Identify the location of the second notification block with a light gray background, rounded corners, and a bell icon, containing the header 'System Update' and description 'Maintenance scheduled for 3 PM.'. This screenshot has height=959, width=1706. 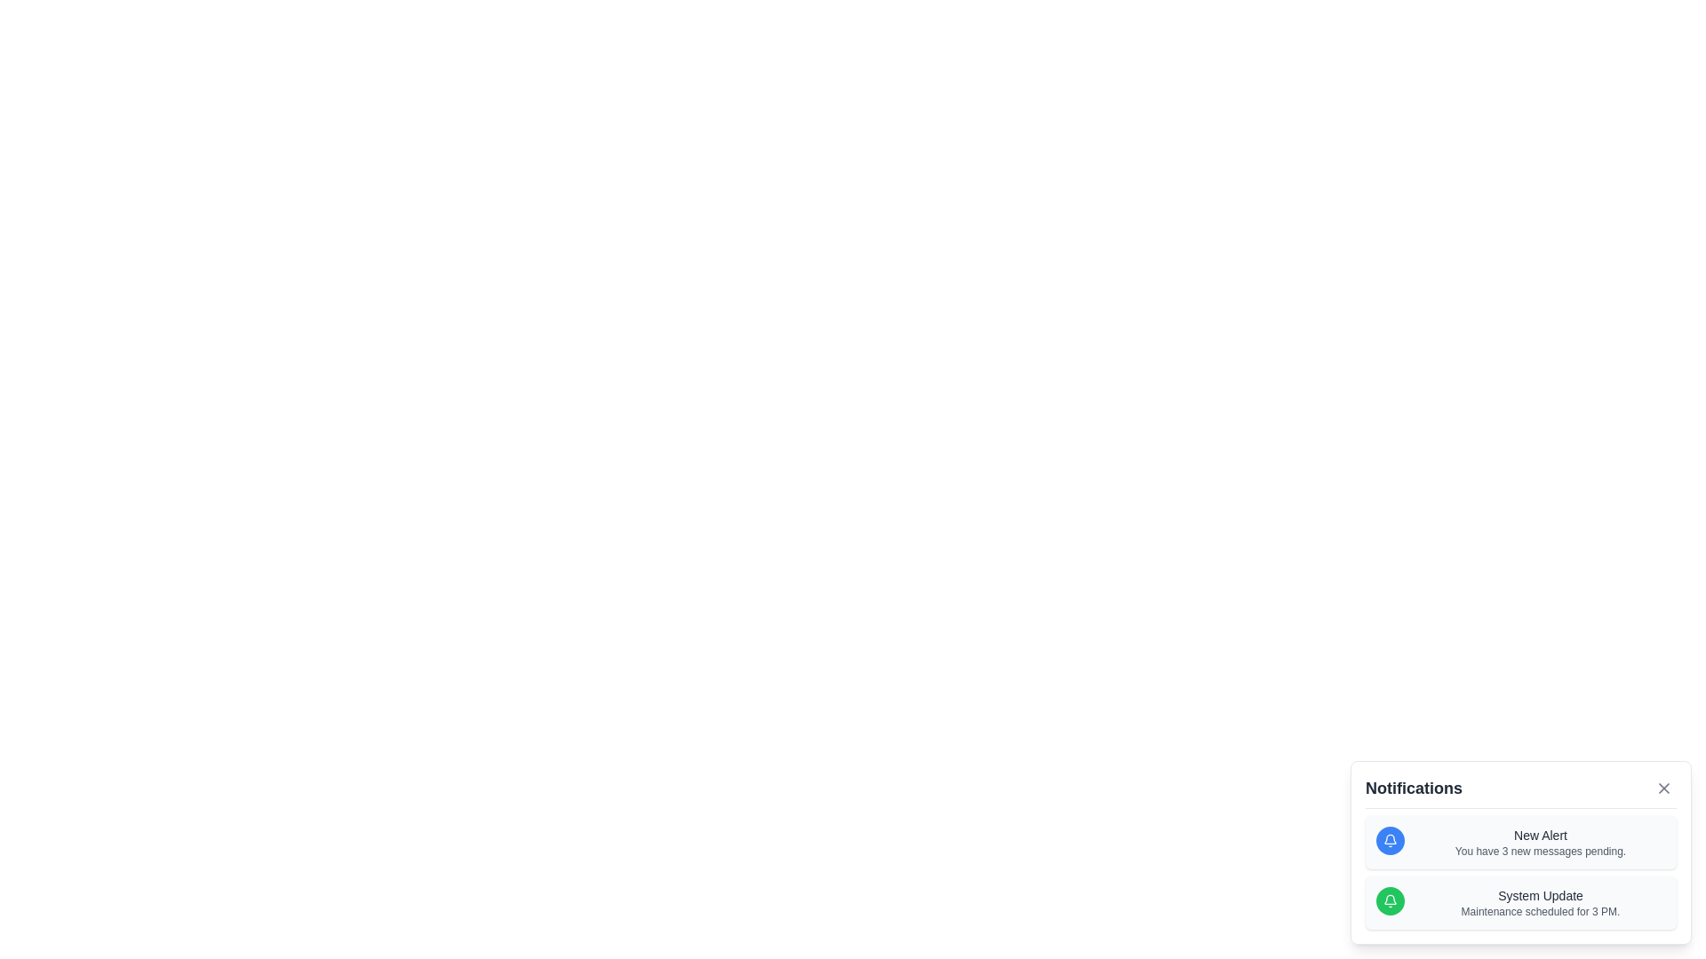
(1520, 903).